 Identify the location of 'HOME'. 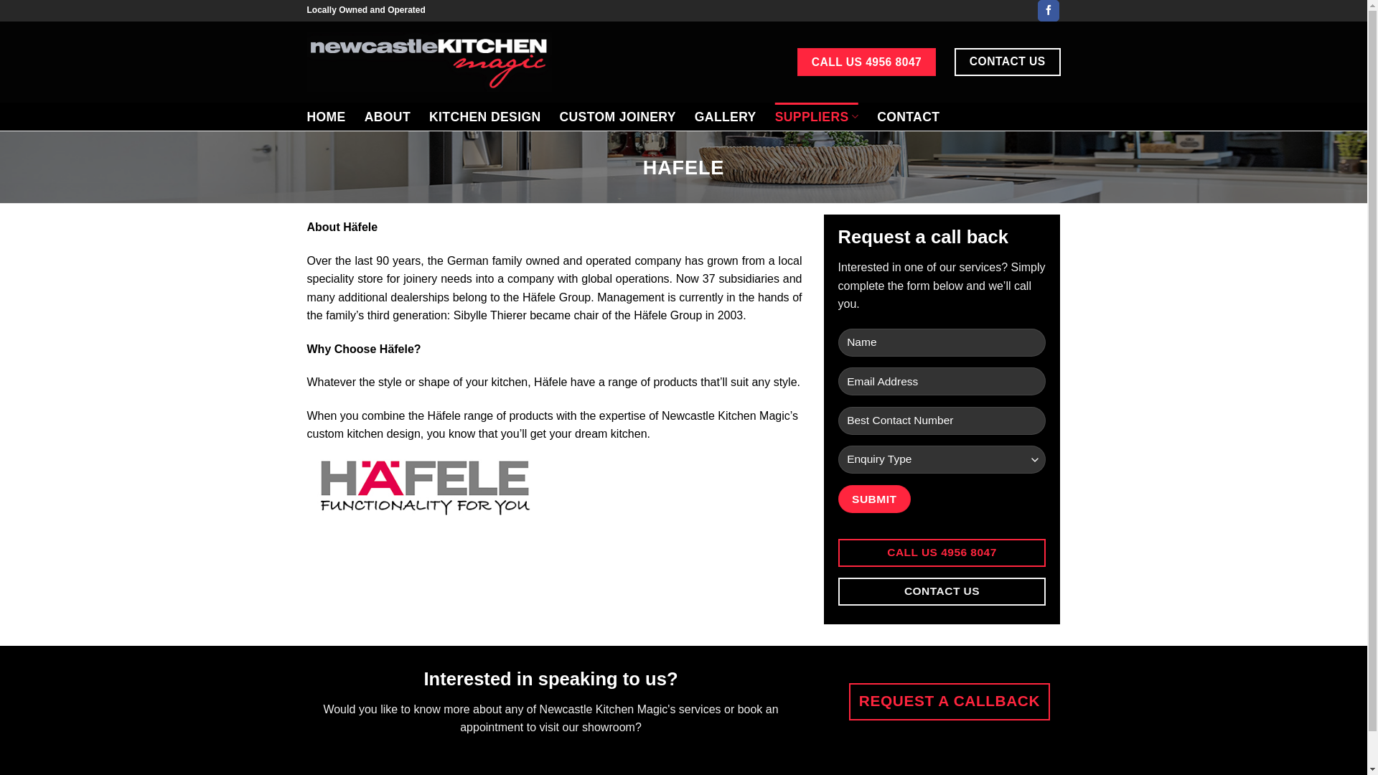
(306, 116).